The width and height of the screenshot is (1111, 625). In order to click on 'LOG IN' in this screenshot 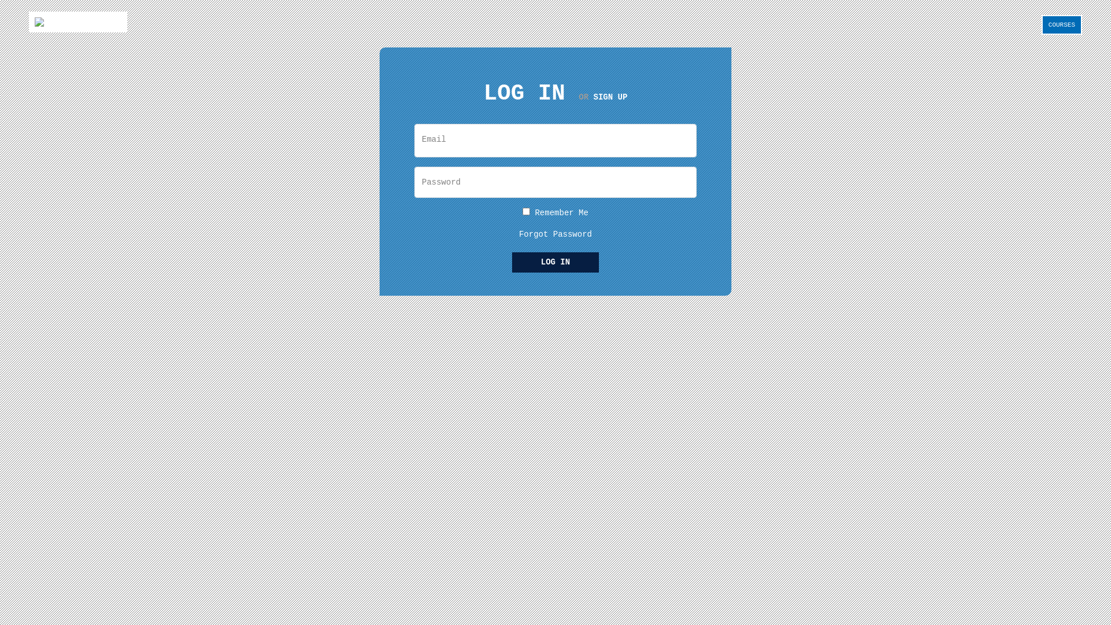, I will do `click(555, 262)`.